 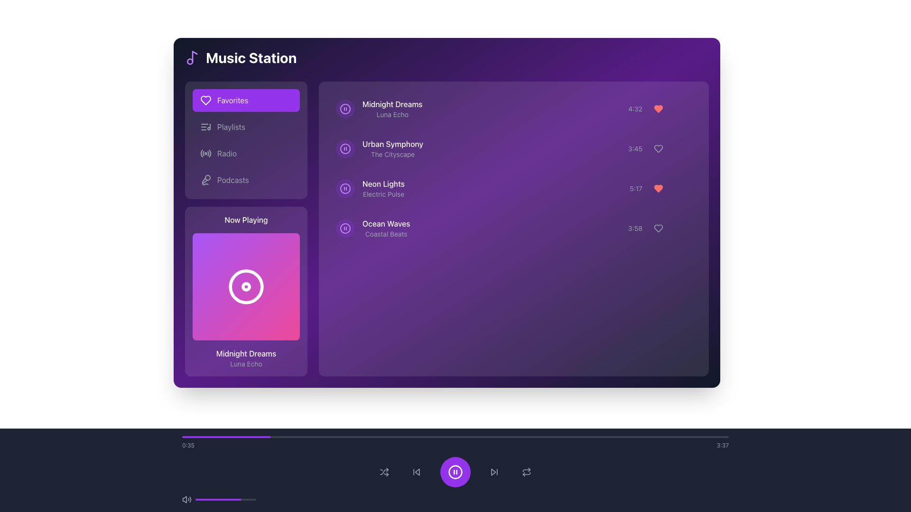 I want to click on the button located at the far-right of the row displaying the 'Ocean Waves' track by 'Coastal Beats' in the 'Favorites' playlist, so click(x=683, y=229).